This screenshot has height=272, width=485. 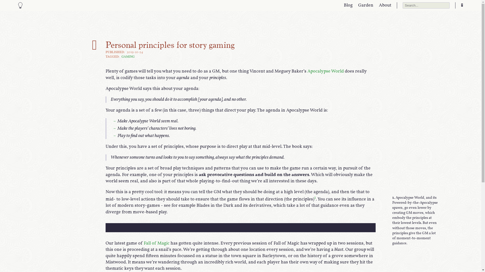 What do you see at coordinates (326, 71) in the screenshot?
I see `'Apocalypse World'` at bounding box center [326, 71].